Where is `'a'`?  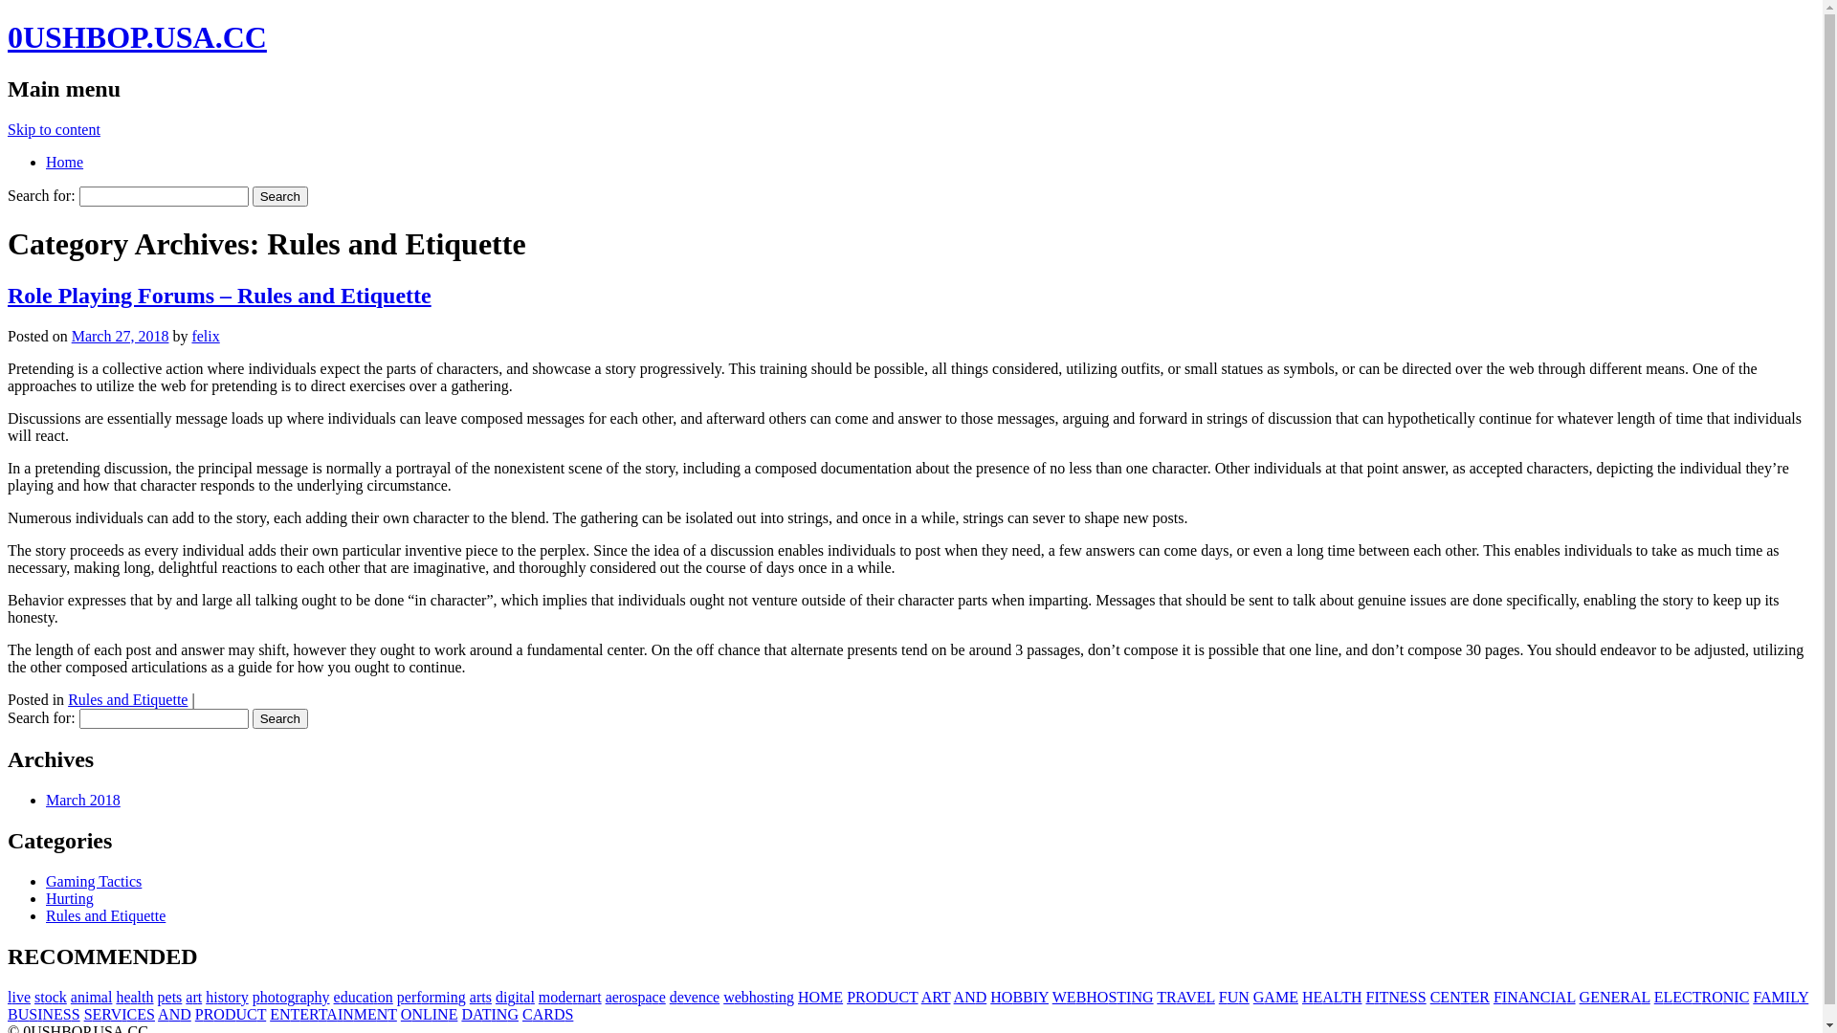
'a' is located at coordinates (103, 996).